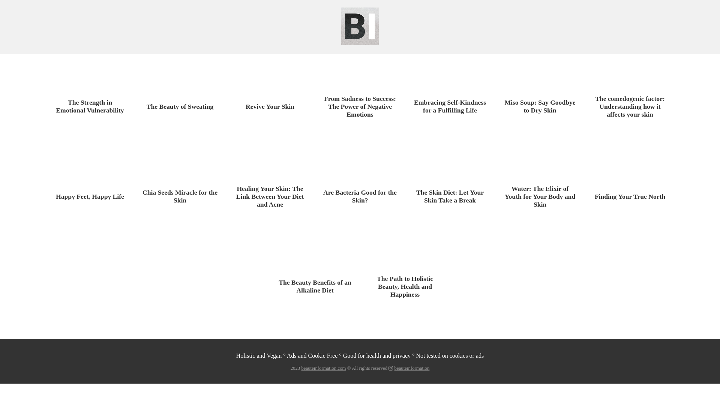 Image resolution: width=720 pixels, height=405 pixels. I want to click on 'Miso Soup: Say Goodbye to Dry Skin', so click(540, 106).